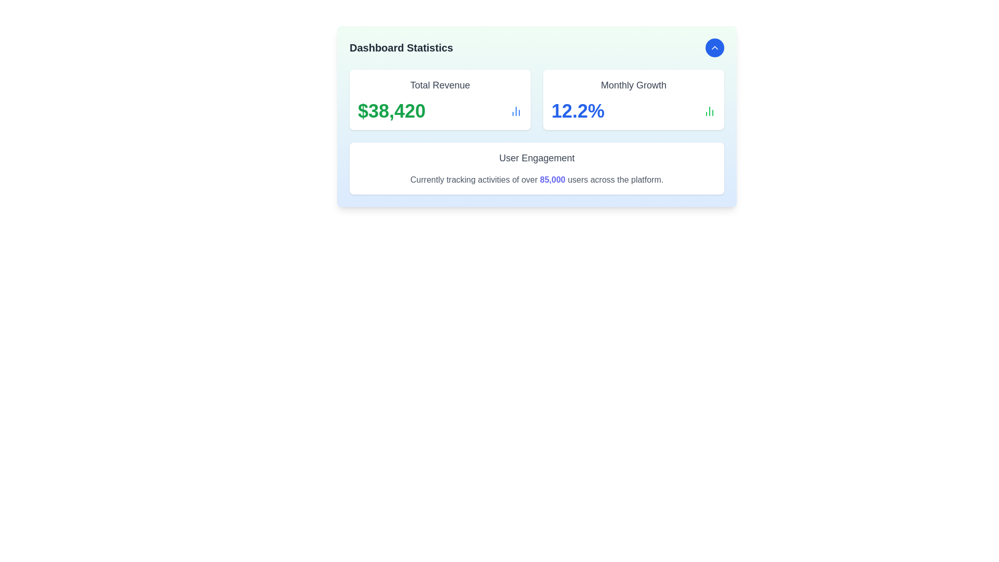 The height and width of the screenshot is (562, 999). What do you see at coordinates (633, 100) in the screenshot?
I see `the Informational card displaying the monthly growth percentage in the dashboard, which is located in the second column of the top row, adjacent to the Total Revenue card` at bounding box center [633, 100].